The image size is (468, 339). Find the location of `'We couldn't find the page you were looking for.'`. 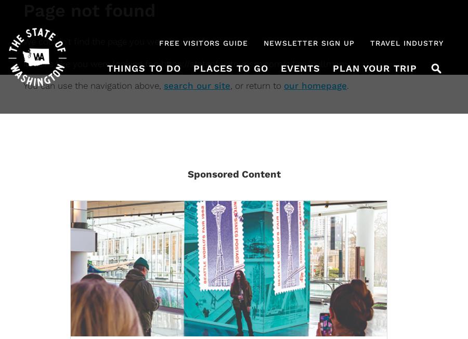

'We couldn't find the page you were looking for.' is located at coordinates (23, 40).